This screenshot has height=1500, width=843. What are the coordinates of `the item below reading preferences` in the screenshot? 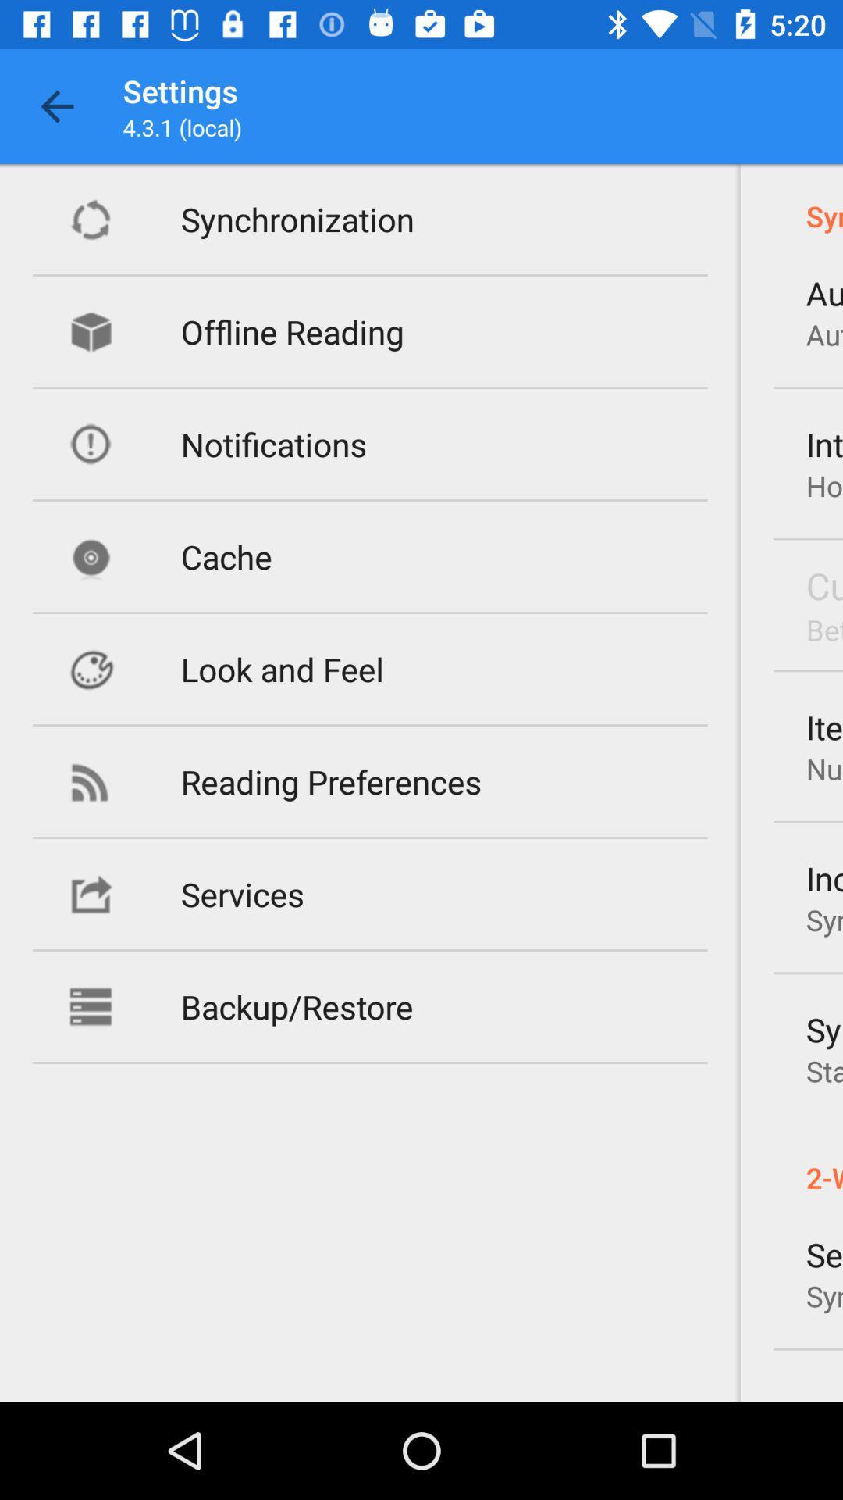 It's located at (242, 894).